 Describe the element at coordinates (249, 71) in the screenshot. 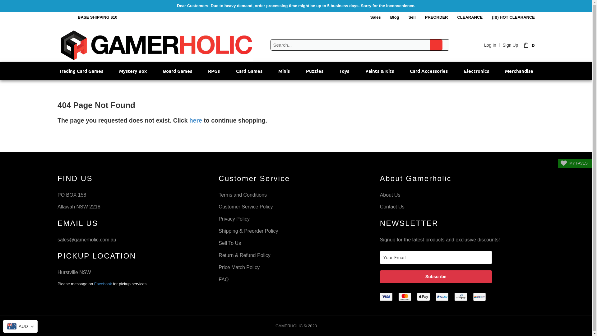

I see `'Card Games'` at that location.